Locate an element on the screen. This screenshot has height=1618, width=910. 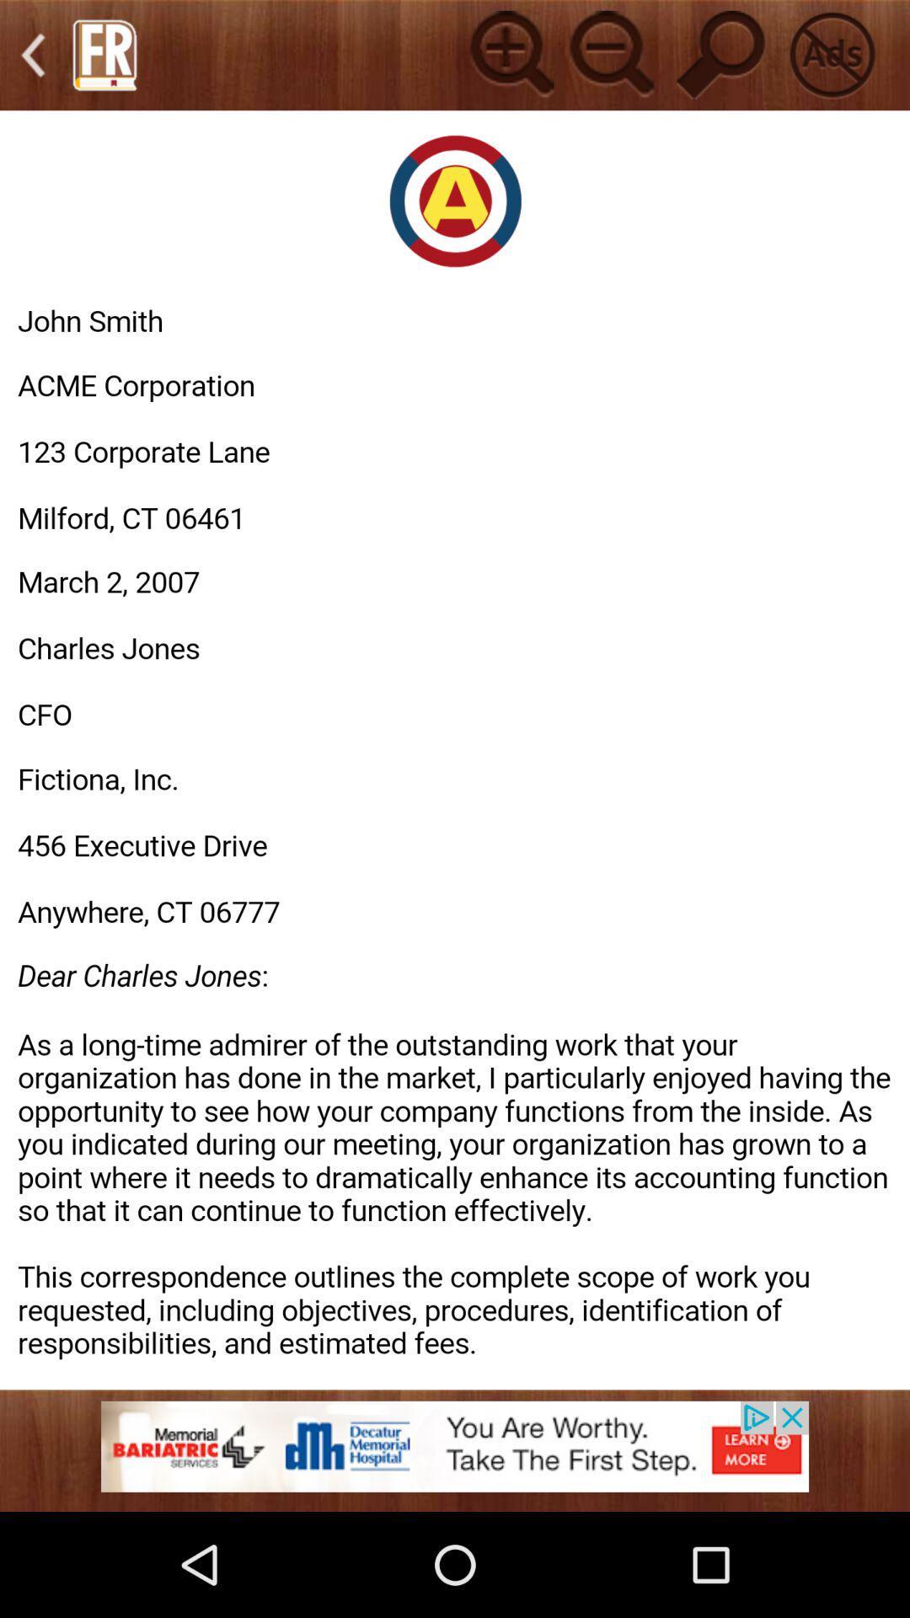
the add icon is located at coordinates (509, 58).